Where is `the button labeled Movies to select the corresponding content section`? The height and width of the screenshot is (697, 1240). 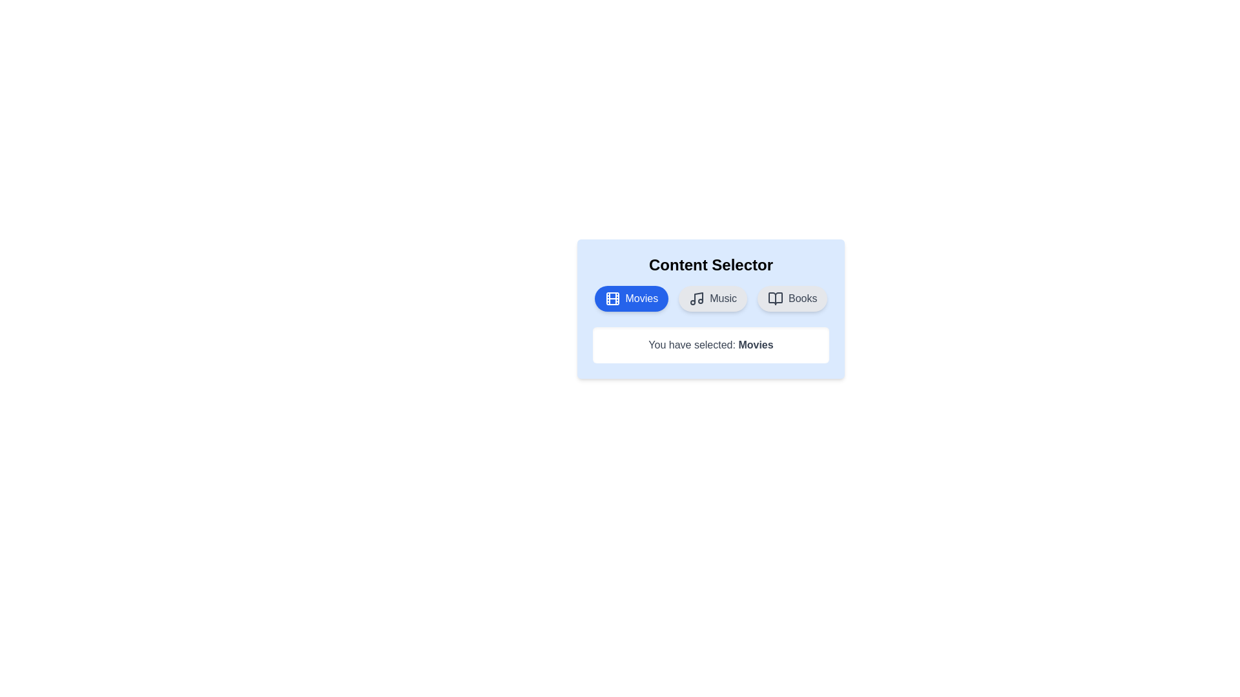
the button labeled Movies to select the corresponding content section is located at coordinates (631, 298).